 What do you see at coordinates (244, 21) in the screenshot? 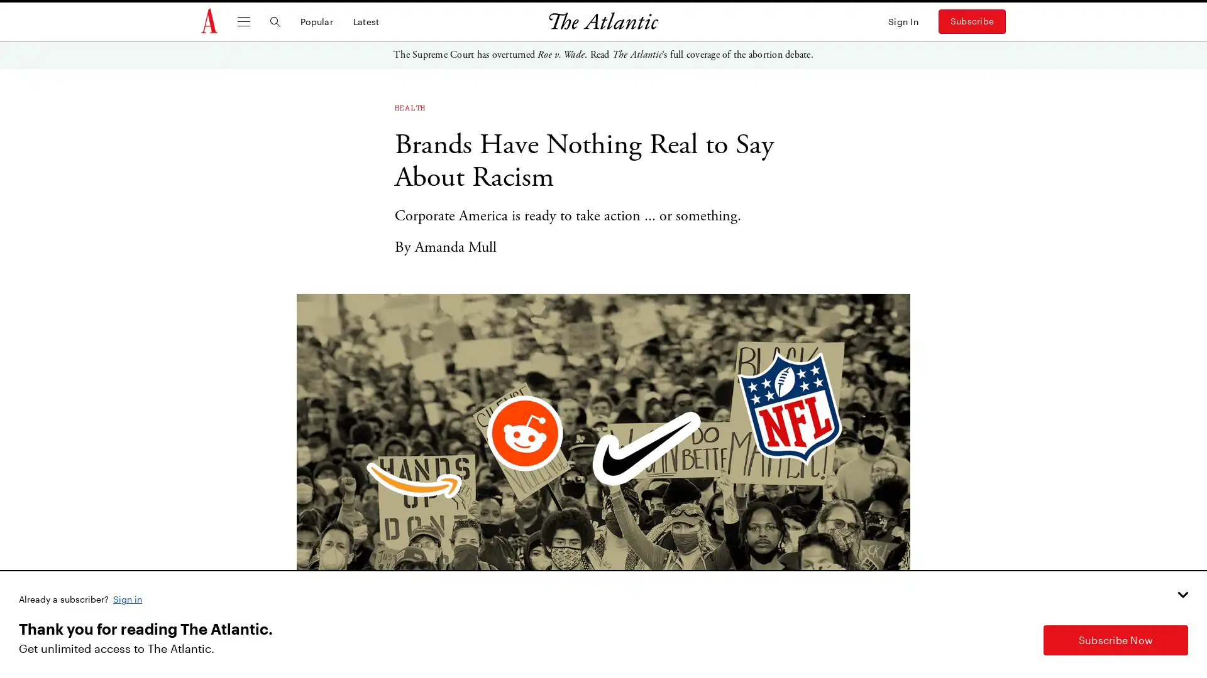
I see `Open Main Menu` at bounding box center [244, 21].